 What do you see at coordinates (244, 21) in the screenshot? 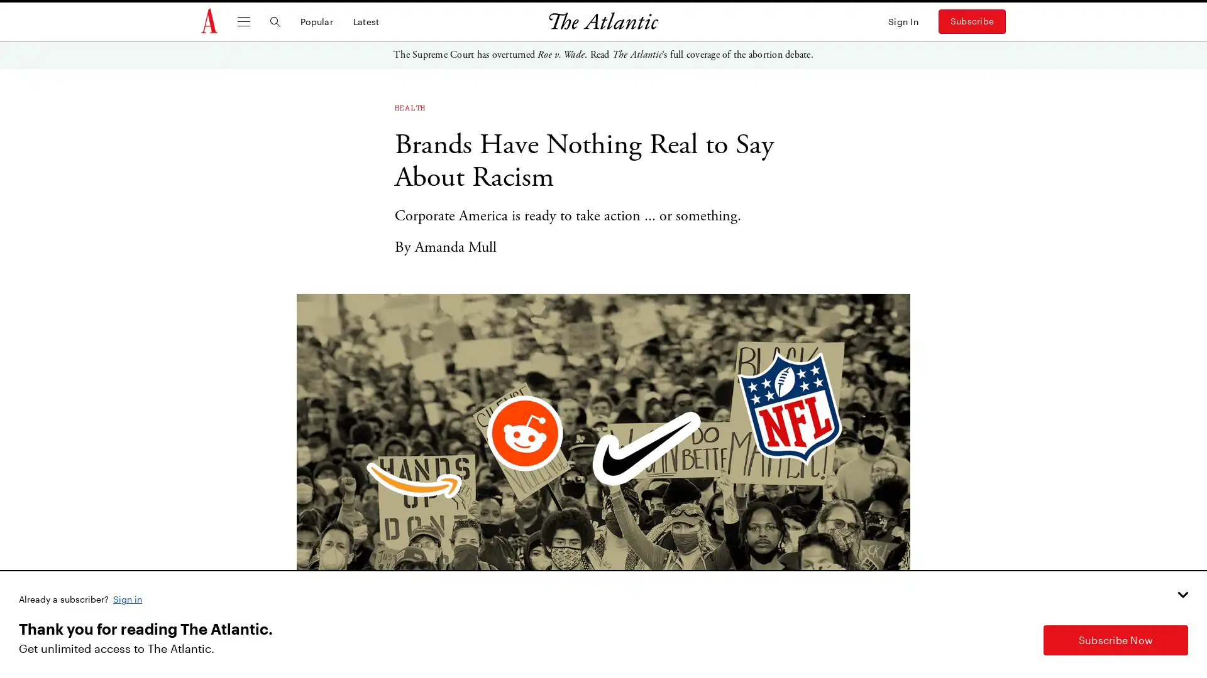
I see `Open Main Menu` at bounding box center [244, 21].